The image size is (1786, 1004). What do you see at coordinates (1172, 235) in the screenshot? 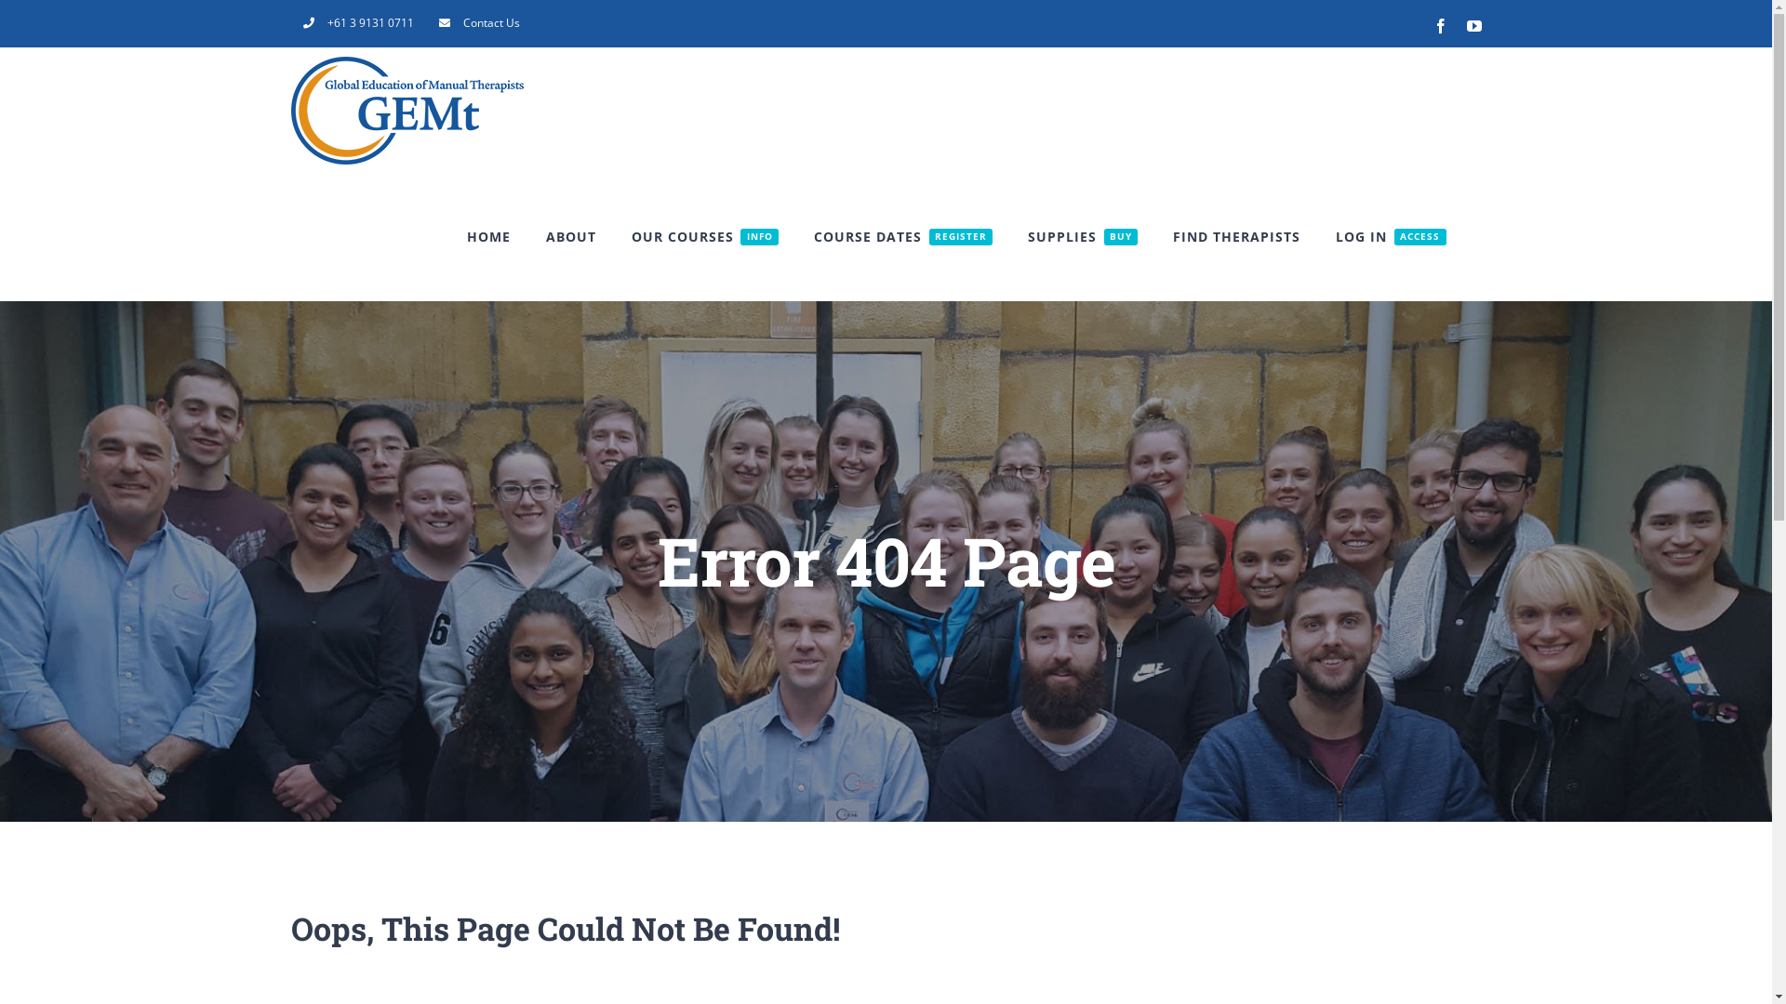
I see `'FIND THERAPISTS'` at bounding box center [1172, 235].